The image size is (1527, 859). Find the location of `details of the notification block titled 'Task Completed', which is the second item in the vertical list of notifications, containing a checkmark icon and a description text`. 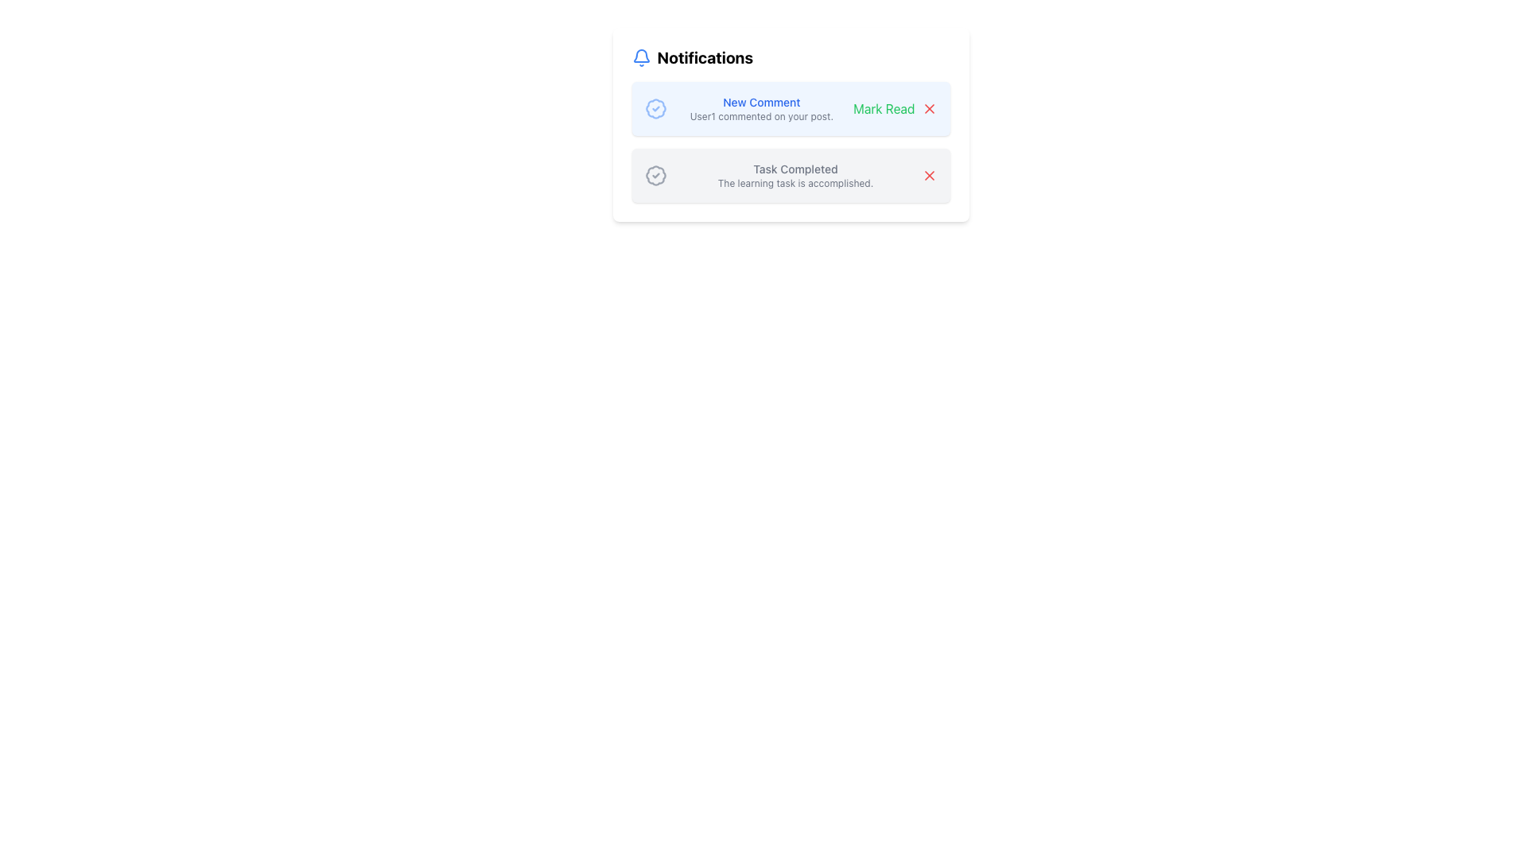

details of the notification block titled 'Task Completed', which is the second item in the vertical list of notifications, containing a checkmark icon and a description text is located at coordinates (791, 175).